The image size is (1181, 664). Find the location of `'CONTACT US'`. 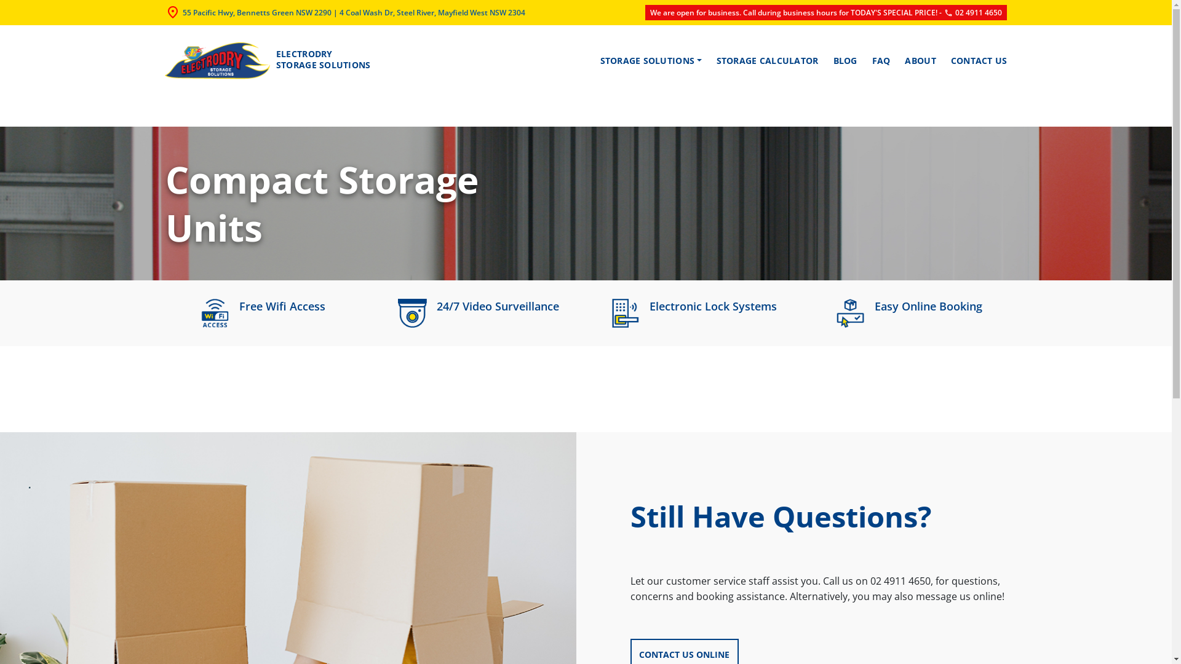

'CONTACT US' is located at coordinates (974, 61).